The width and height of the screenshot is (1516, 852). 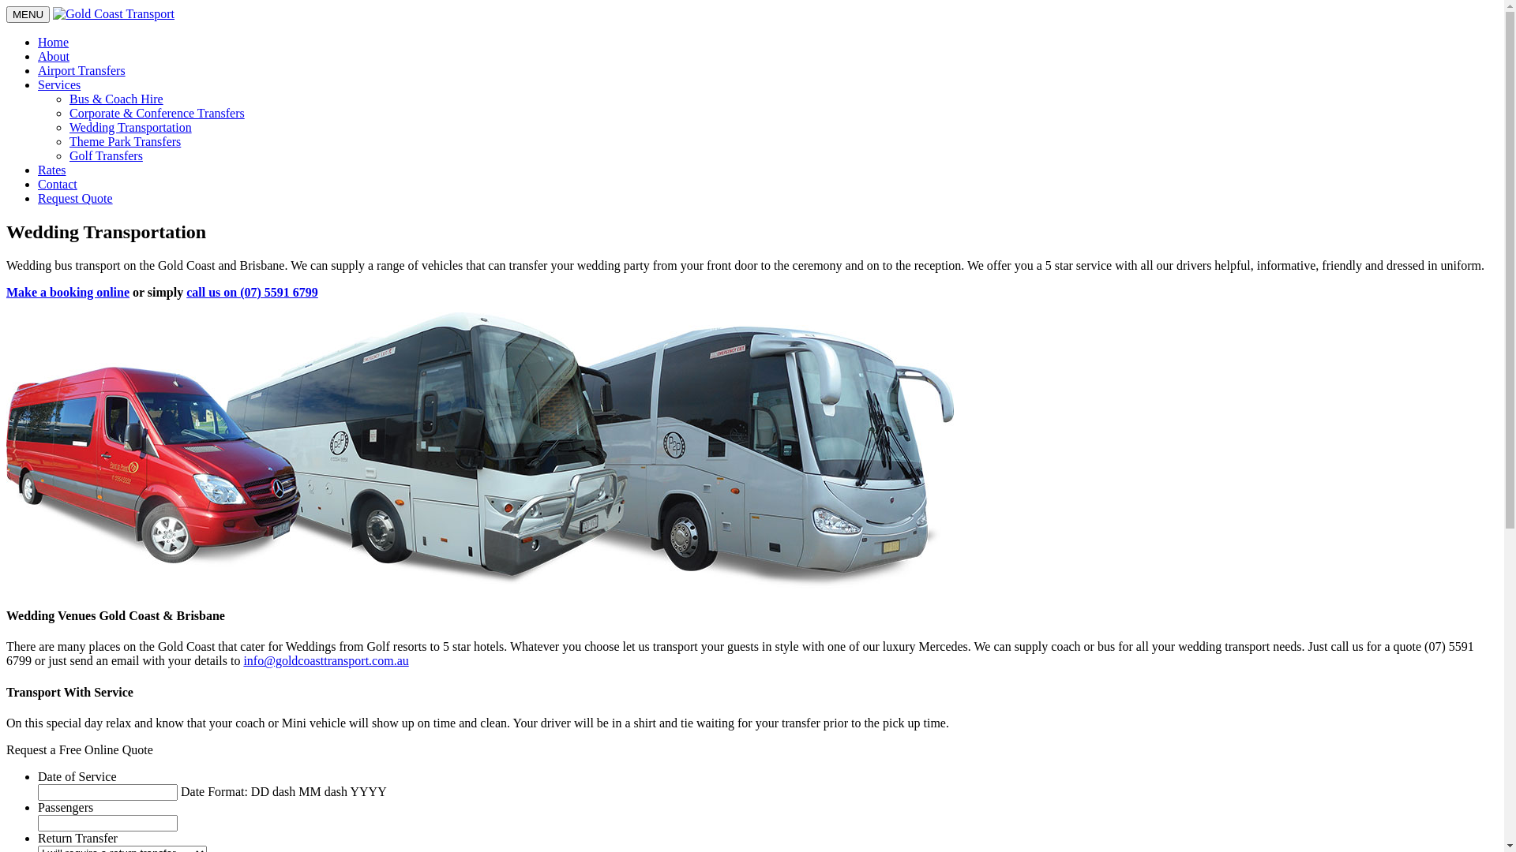 What do you see at coordinates (57, 183) in the screenshot?
I see `'Contact'` at bounding box center [57, 183].